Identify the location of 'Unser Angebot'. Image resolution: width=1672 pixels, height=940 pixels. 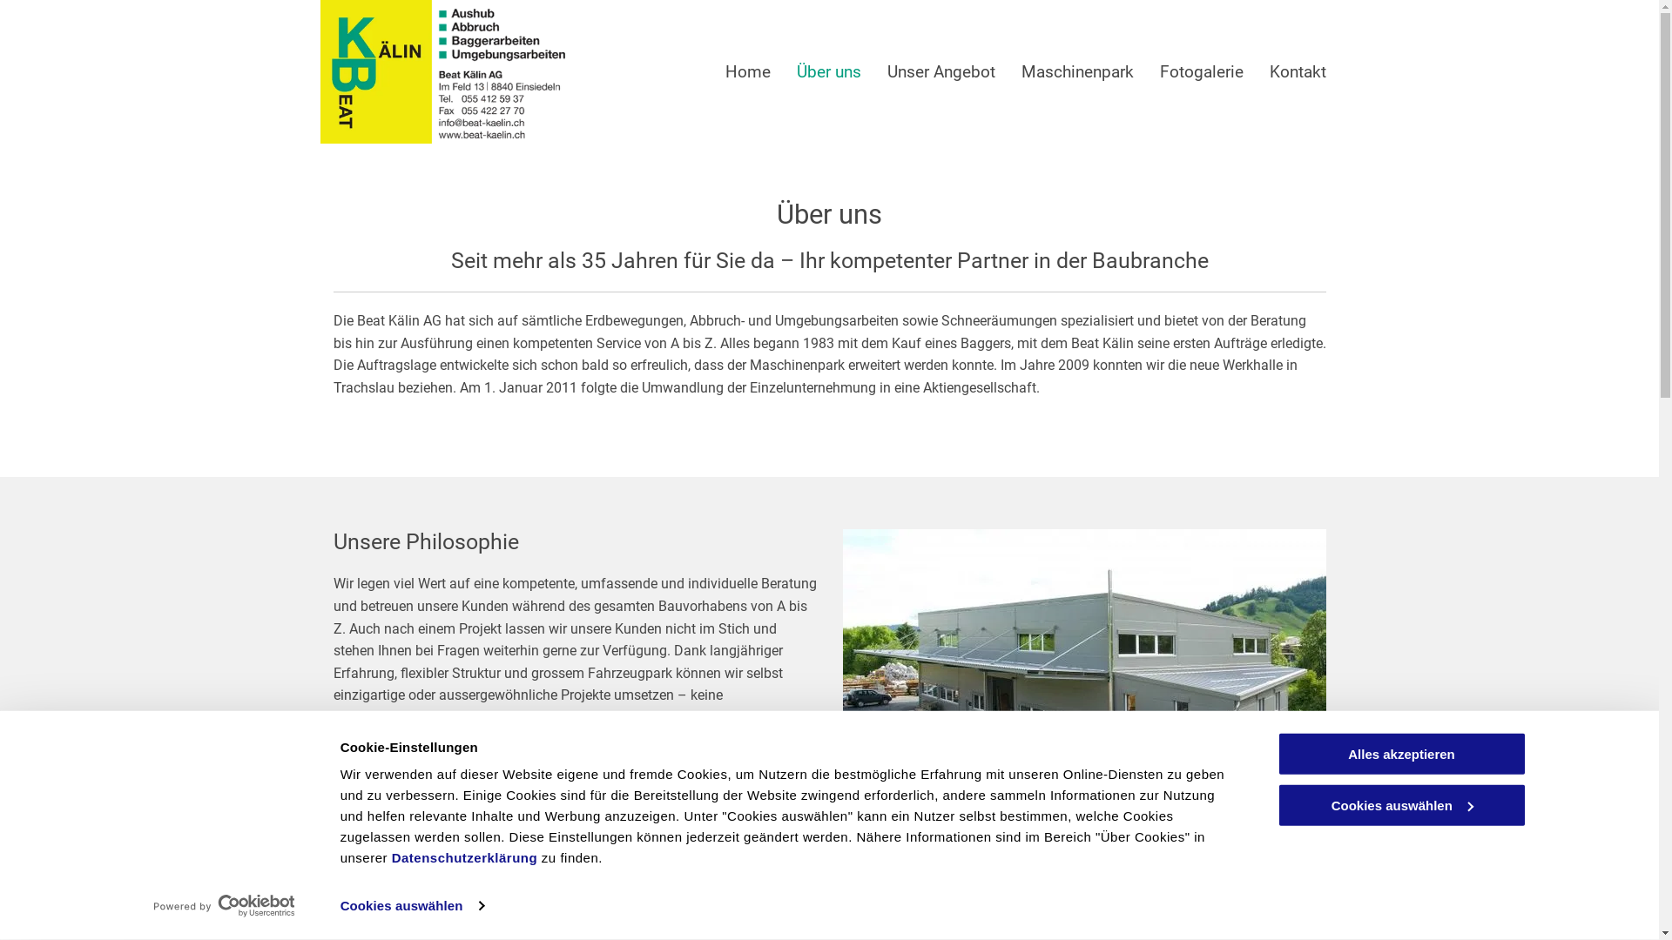
(940, 70).